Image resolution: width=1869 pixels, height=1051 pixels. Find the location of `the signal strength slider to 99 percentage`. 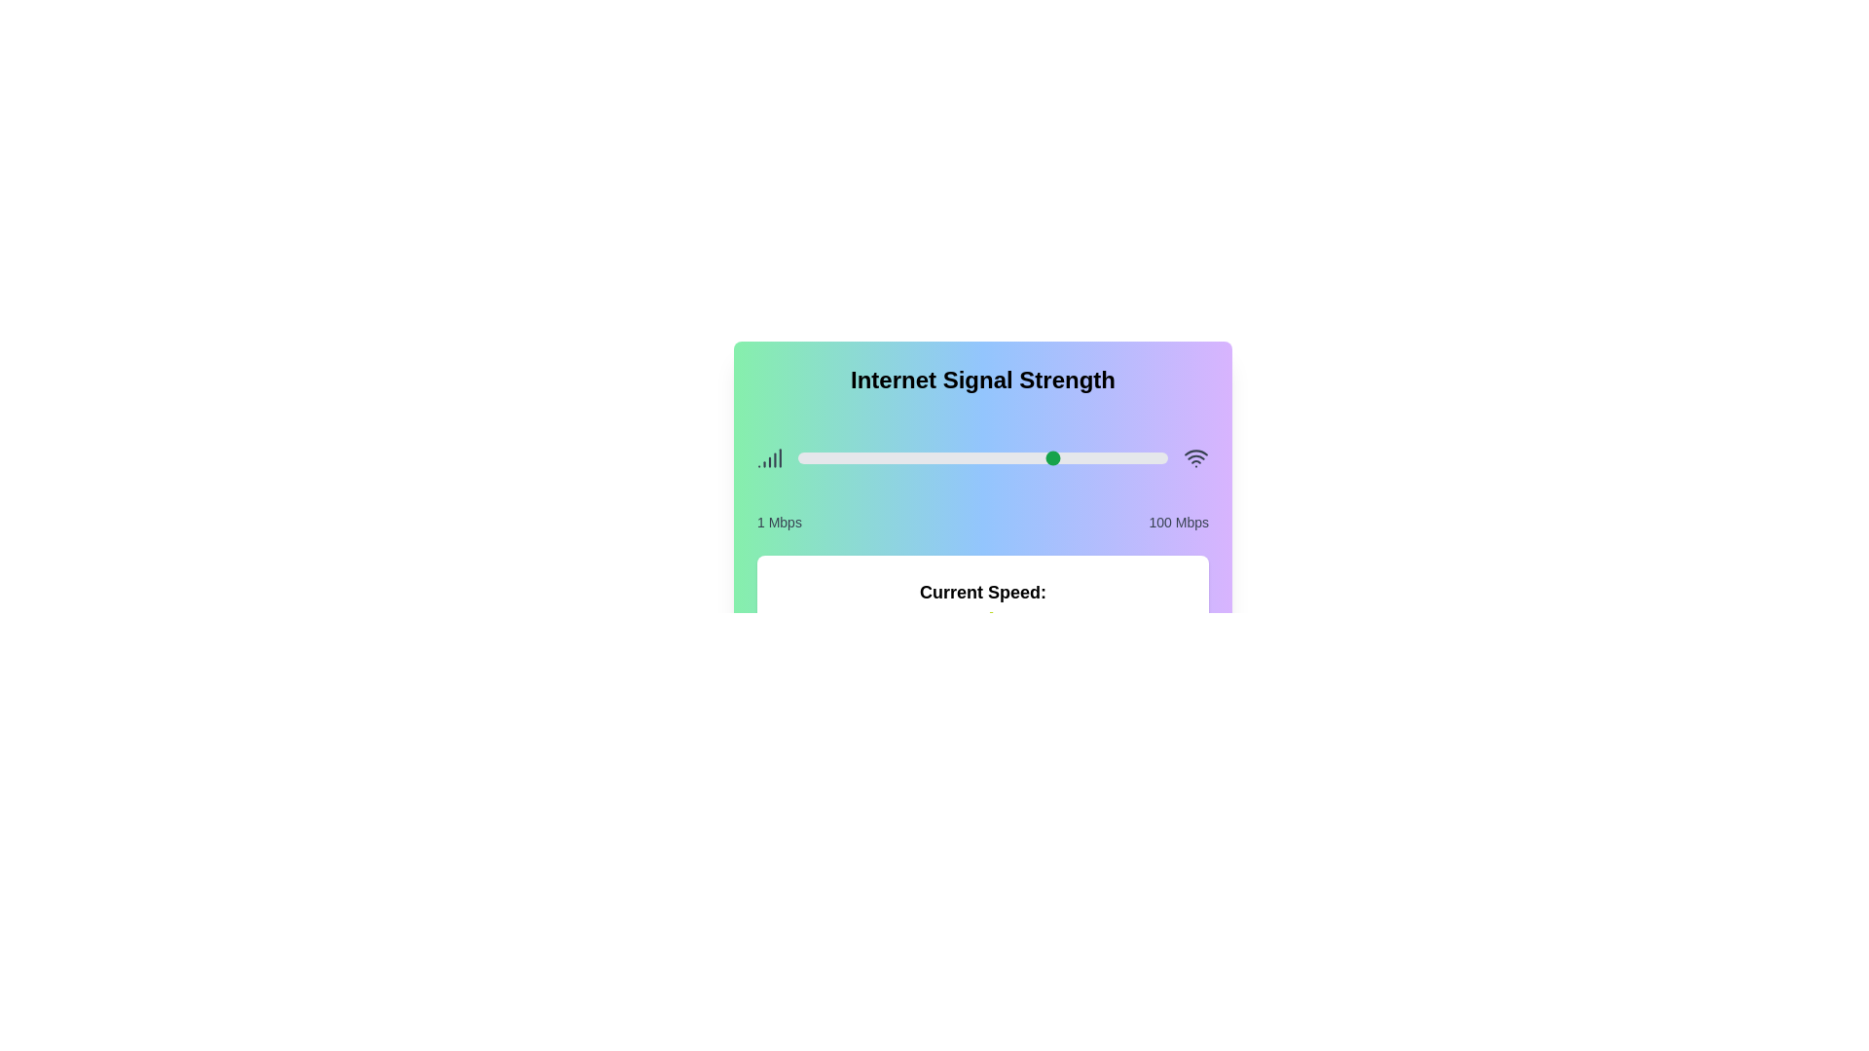

the signal strength slider to 99 percentage is located at coordinates (1163, 457).